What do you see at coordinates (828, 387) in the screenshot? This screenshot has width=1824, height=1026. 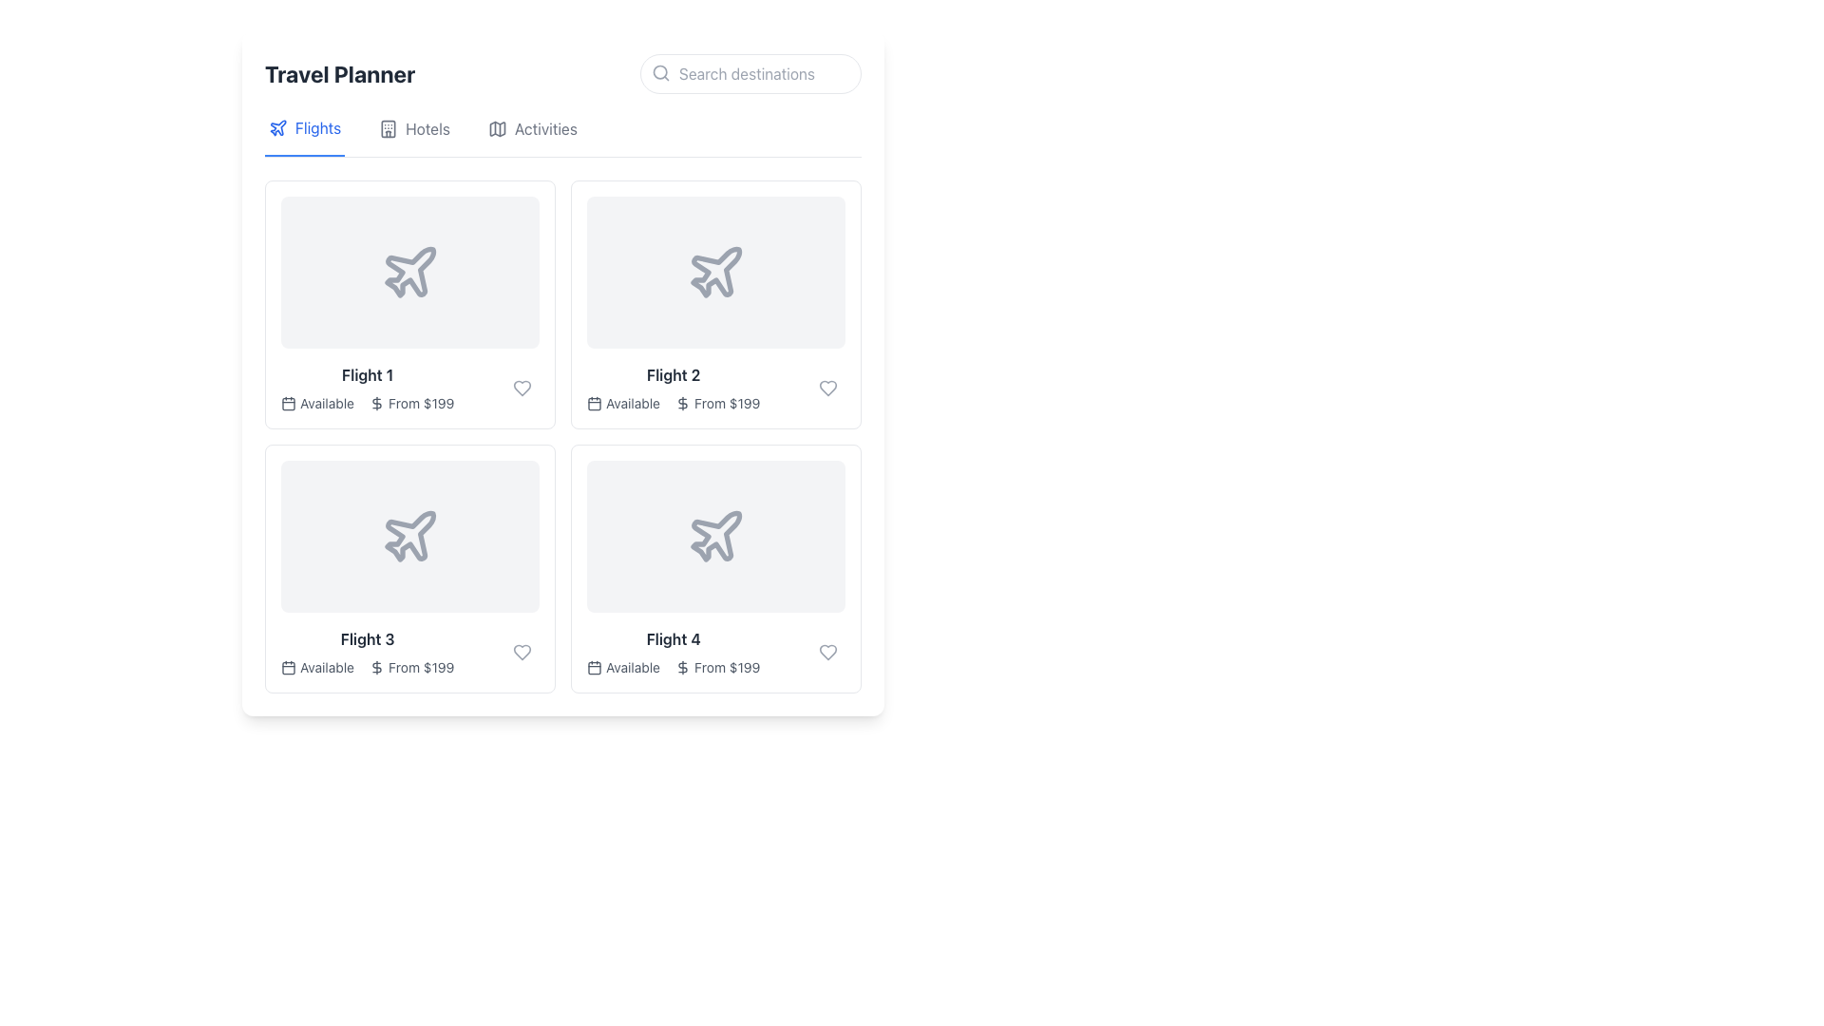 I see `the heart icon located in the top row, right column of the grid layout, adjacent` at bounding box center [828, 387].